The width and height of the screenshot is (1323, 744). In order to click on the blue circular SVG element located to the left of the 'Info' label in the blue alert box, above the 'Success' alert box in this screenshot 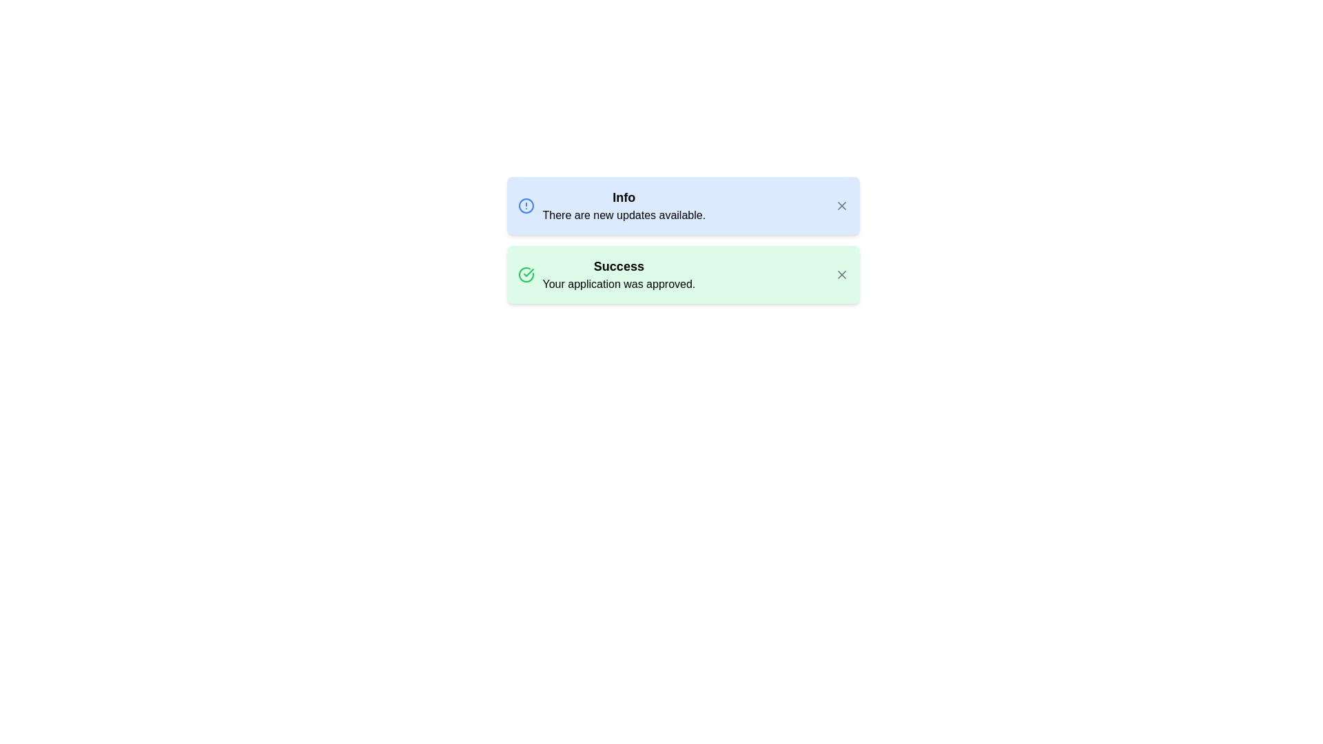, I will do `click(525, 206)`.